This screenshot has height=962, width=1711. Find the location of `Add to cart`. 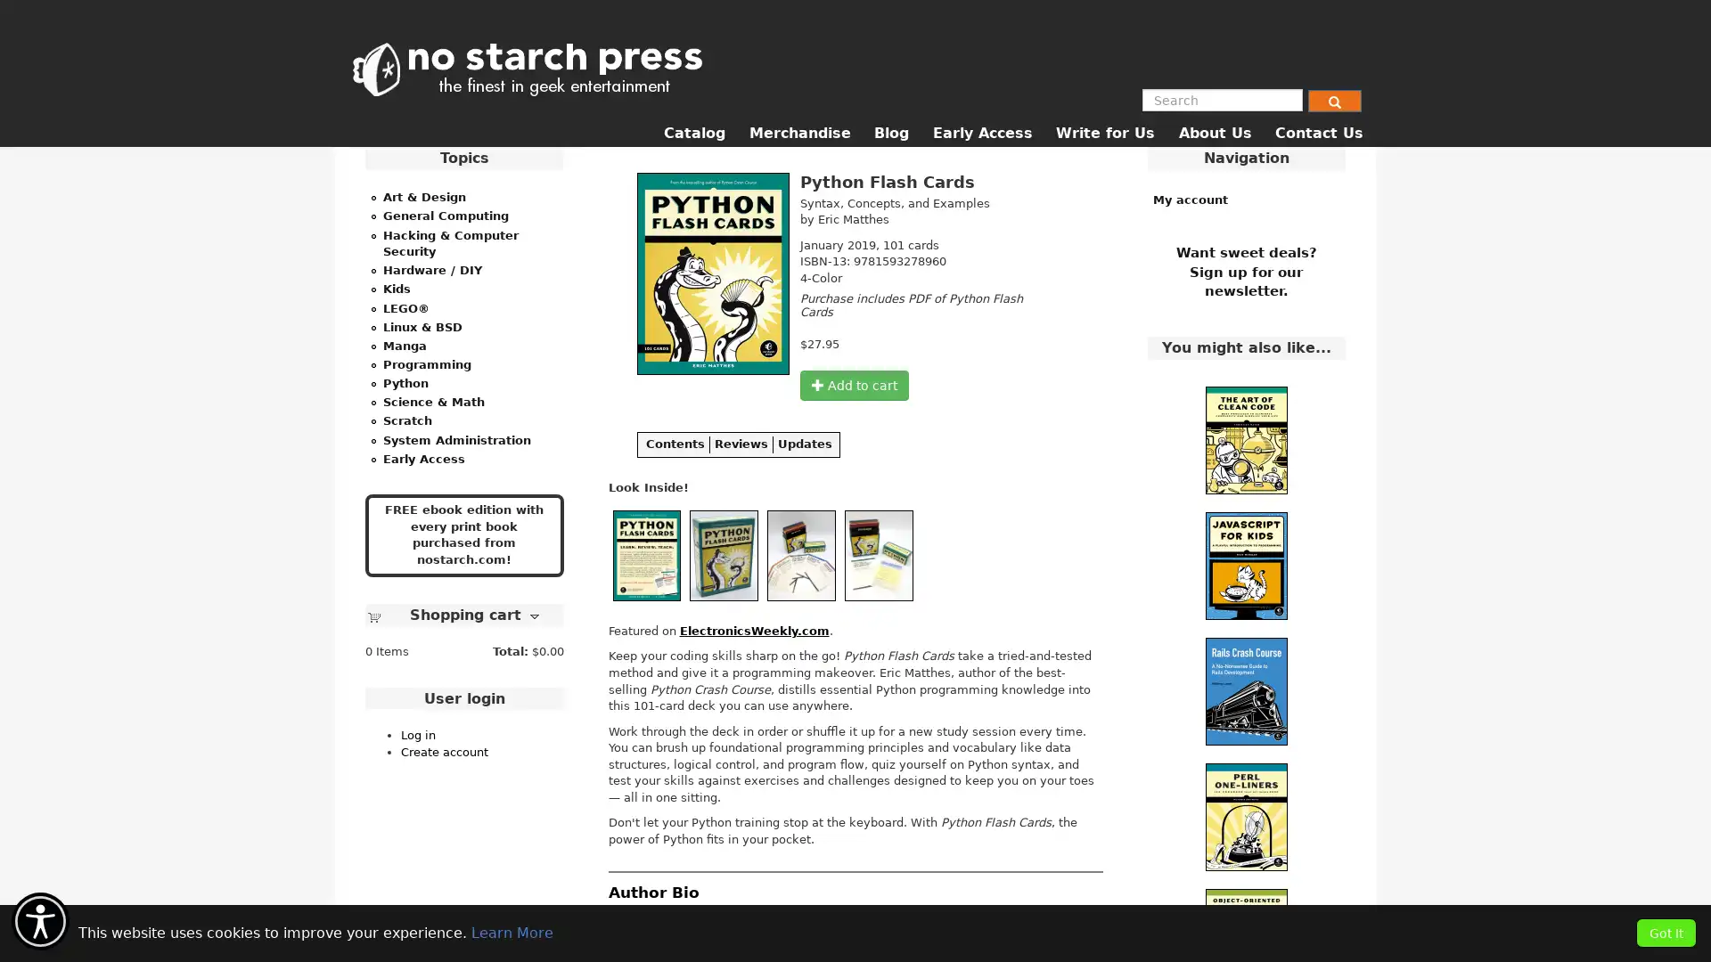

Add to cart is located at coordinates (853, 384).